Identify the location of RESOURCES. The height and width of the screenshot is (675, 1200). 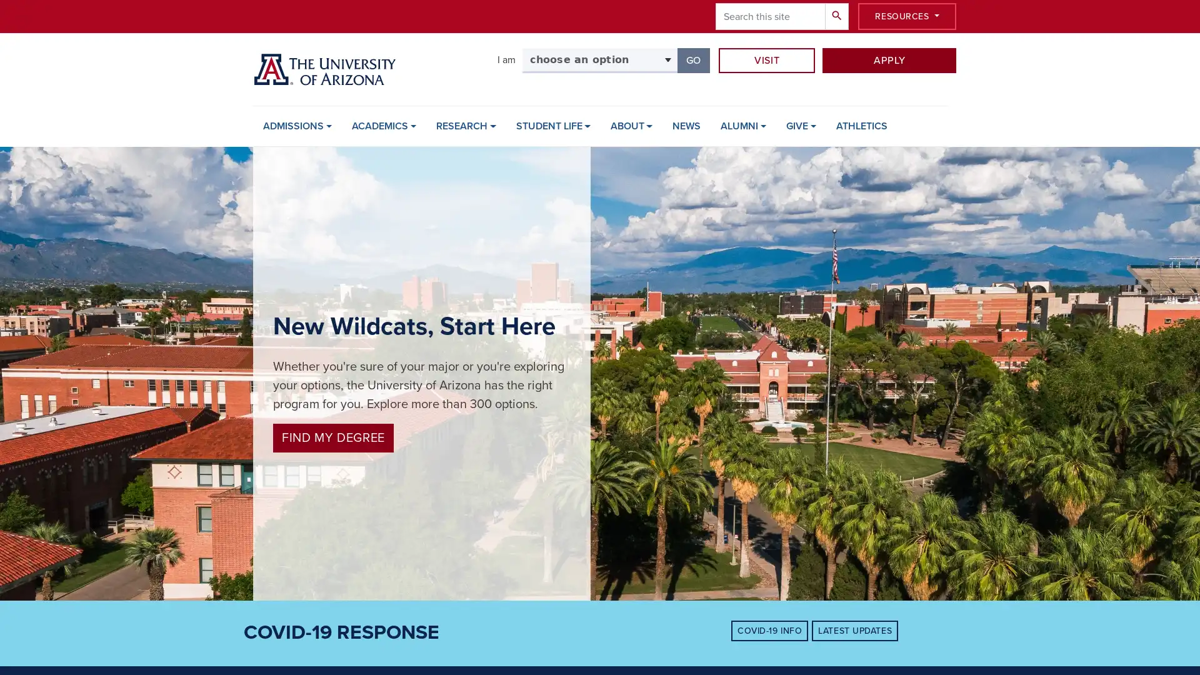
(907, 16).